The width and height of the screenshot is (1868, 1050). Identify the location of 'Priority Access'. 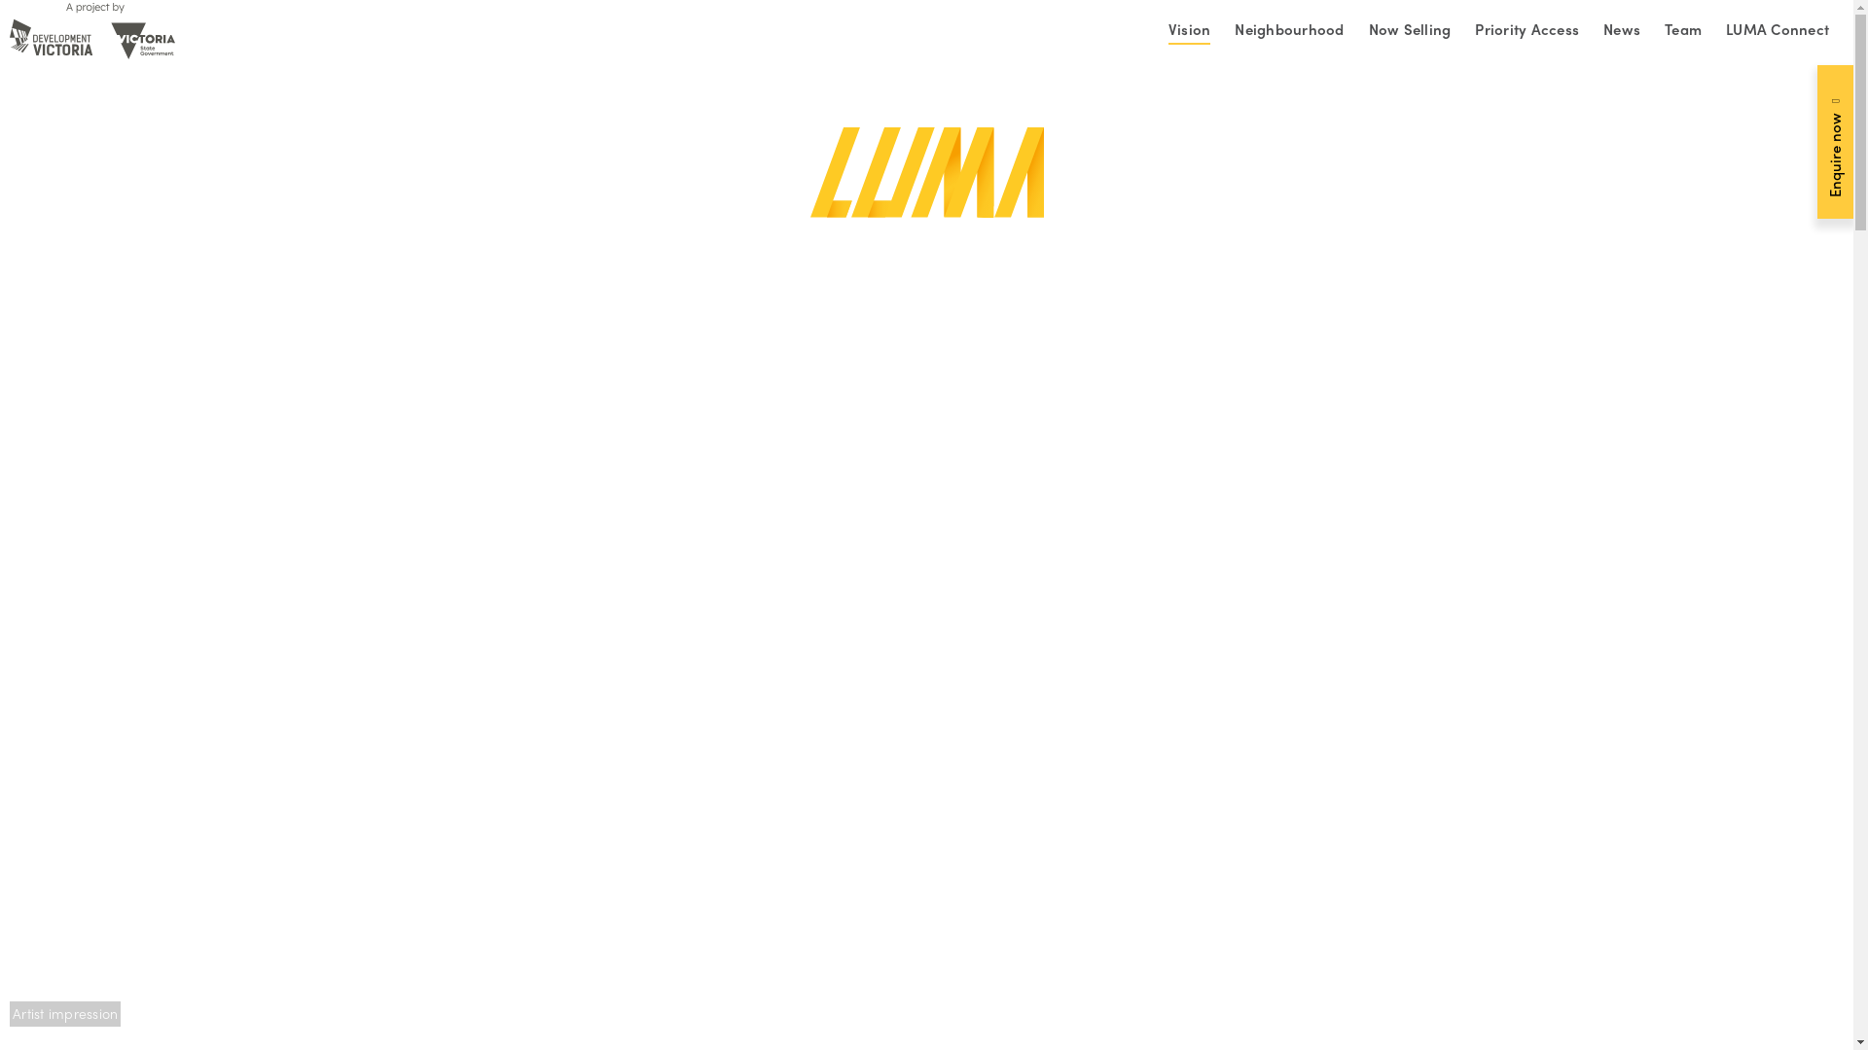
(1526, 32).